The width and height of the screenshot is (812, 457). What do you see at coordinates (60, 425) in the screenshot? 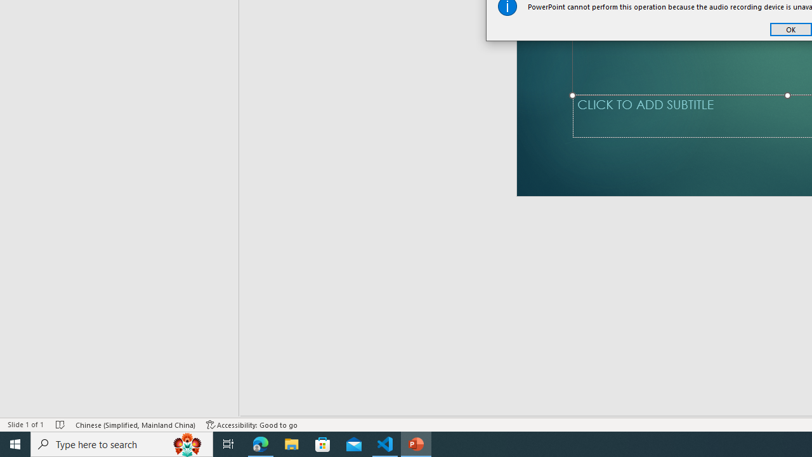
I see `'Spell Check No Errors'` at bounding box center [60, 425].